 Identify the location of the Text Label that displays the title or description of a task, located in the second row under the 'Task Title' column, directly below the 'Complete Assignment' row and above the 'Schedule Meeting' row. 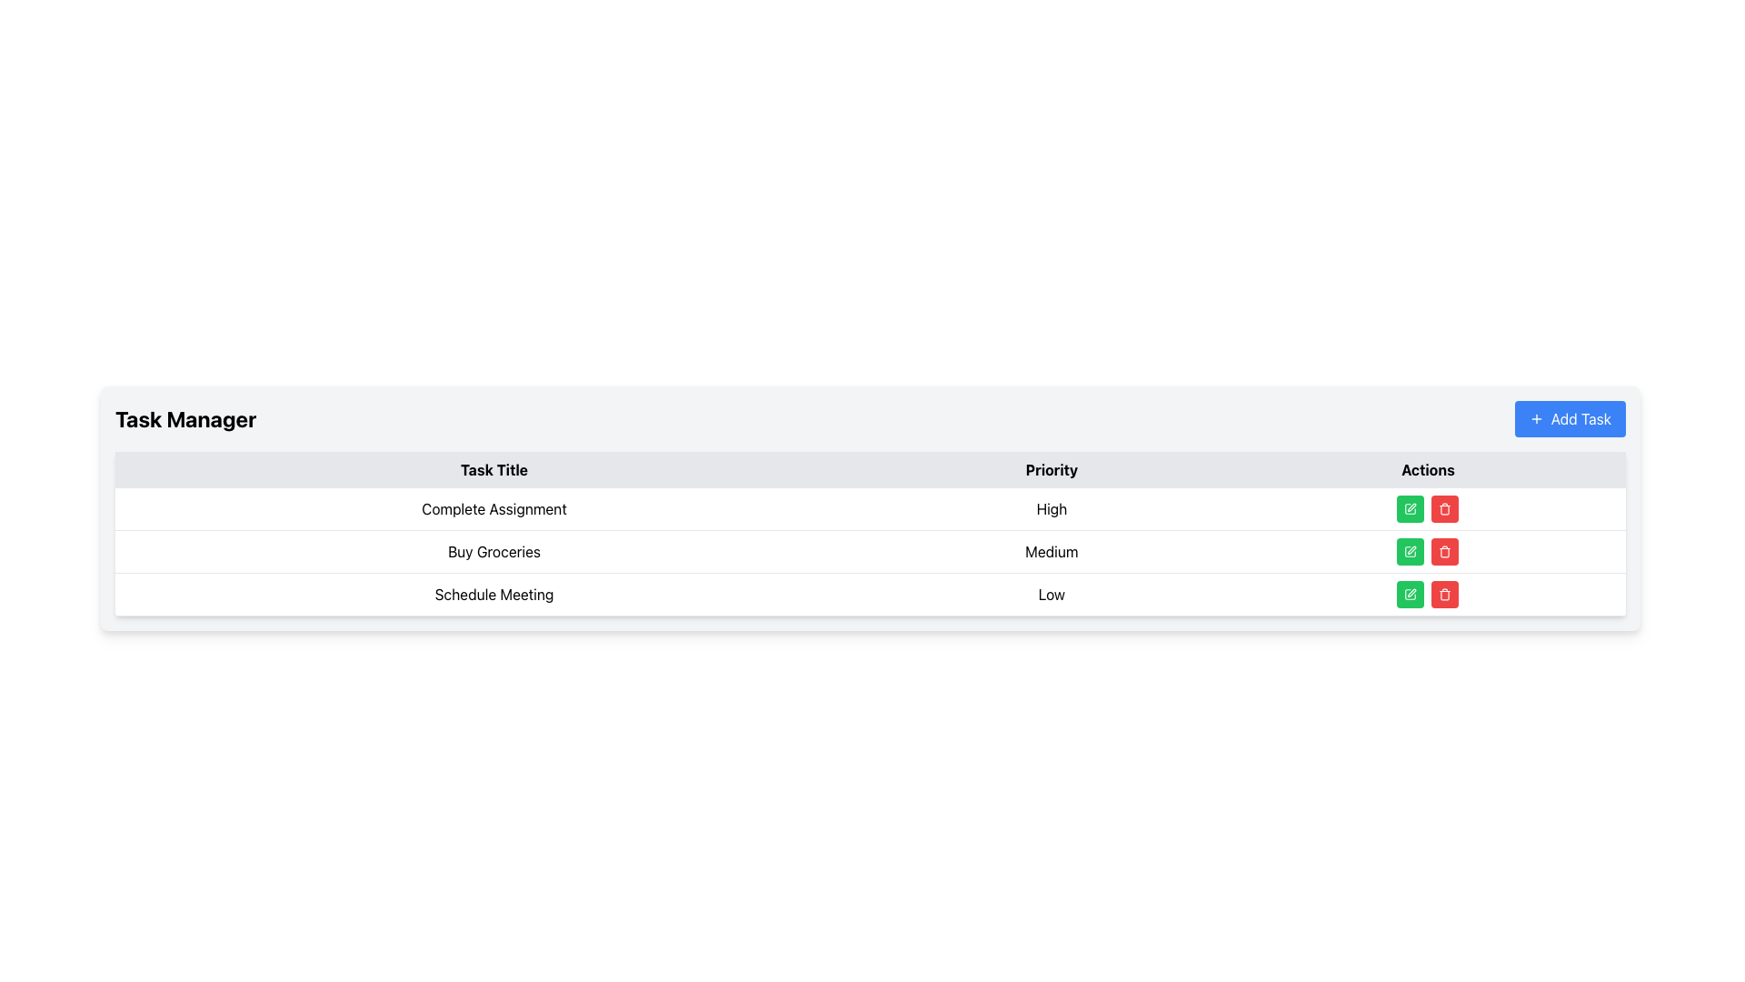
(494, 550).